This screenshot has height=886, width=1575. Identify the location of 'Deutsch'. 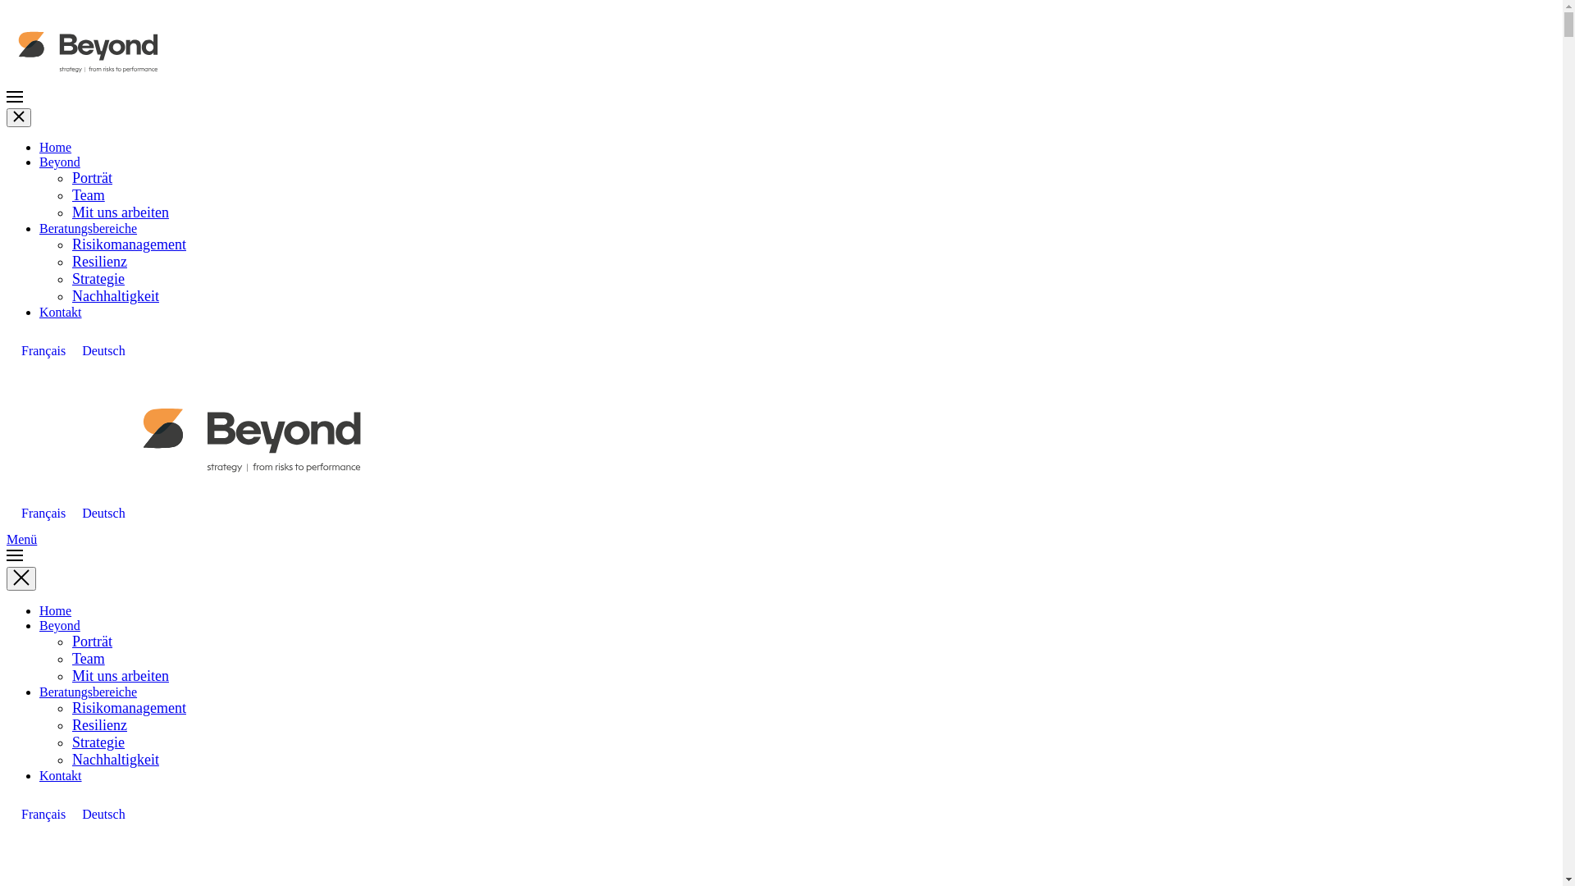
(102, 350).